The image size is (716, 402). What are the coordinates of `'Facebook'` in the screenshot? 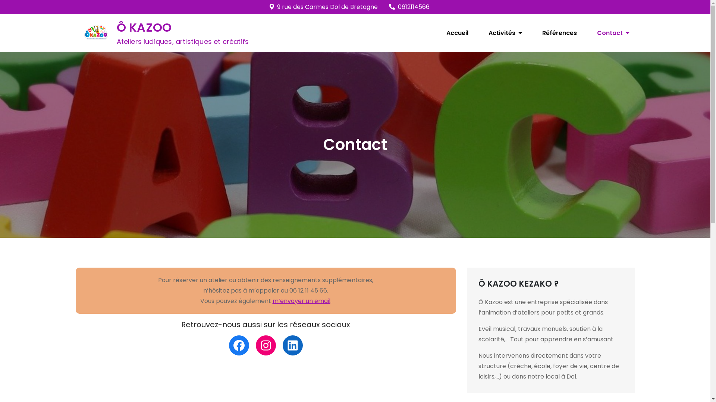 It's located at (239, 345).